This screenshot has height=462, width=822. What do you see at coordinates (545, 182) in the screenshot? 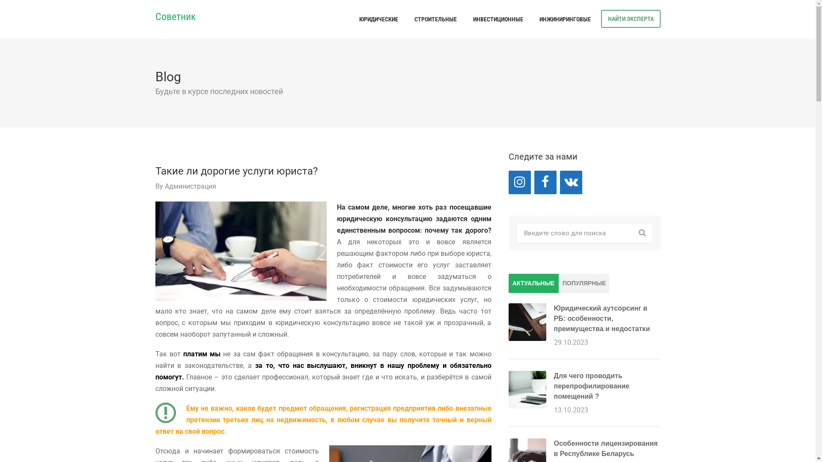
I see `'Facebook'` at bounding box center [545, 182].